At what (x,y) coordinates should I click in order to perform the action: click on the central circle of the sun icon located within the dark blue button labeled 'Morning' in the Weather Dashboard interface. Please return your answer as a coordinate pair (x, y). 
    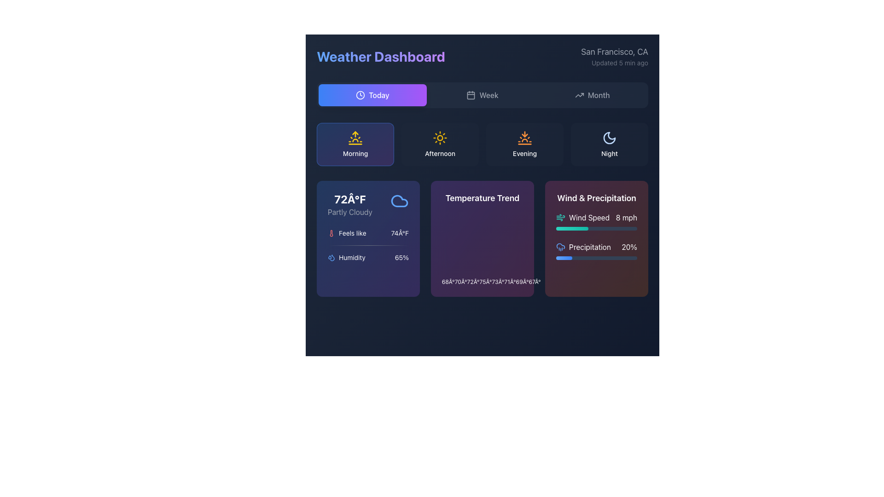
    Looking at the image, I should click on (439, 138).